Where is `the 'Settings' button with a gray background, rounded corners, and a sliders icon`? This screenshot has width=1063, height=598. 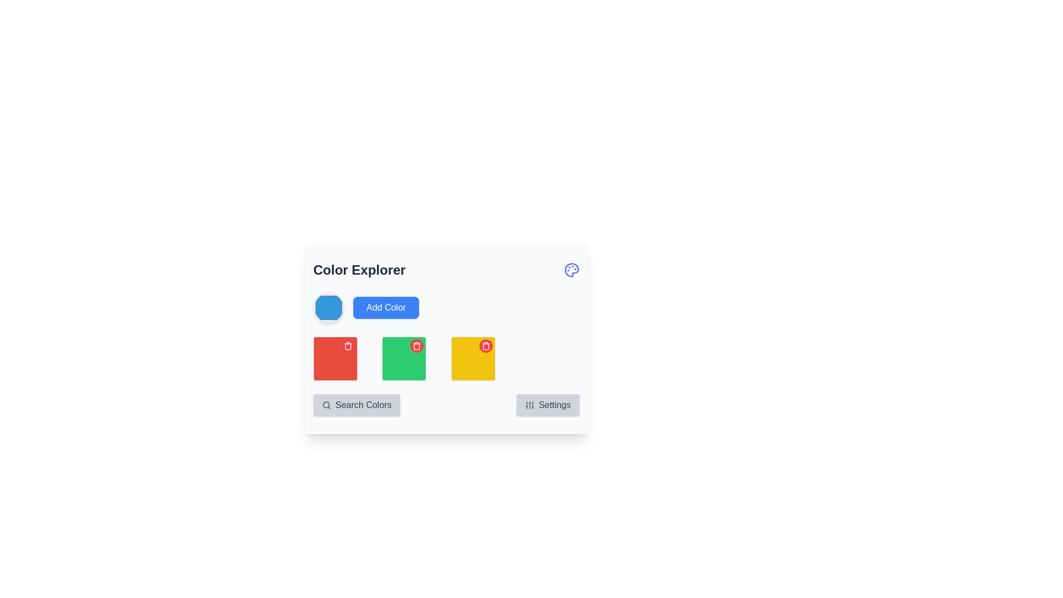 the 'Settings' button with a gray background, rounded corners, and a sliders icon is located at coordinates (548, 405).